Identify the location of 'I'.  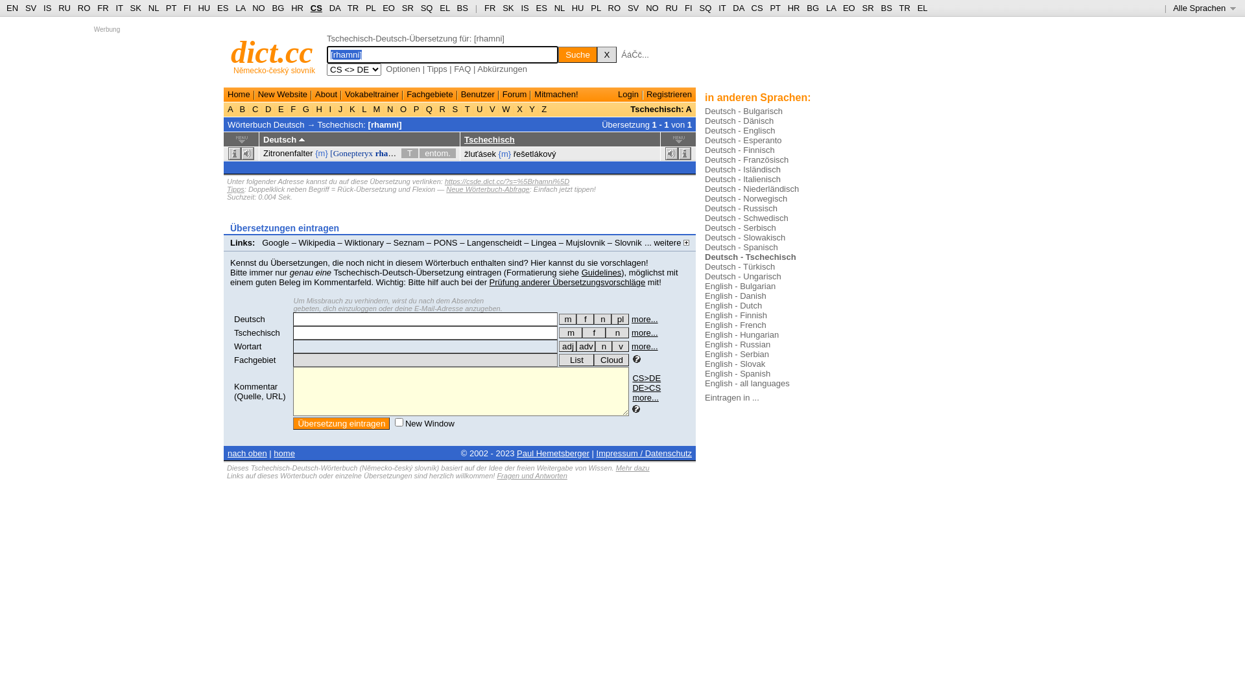
(330, 108).